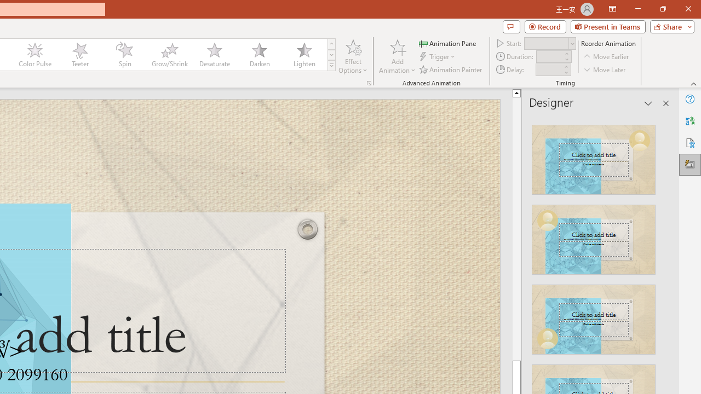 The height and width of the screenshot is (394, 701). I want to click on 'Color Pulse', so click(35, 55).